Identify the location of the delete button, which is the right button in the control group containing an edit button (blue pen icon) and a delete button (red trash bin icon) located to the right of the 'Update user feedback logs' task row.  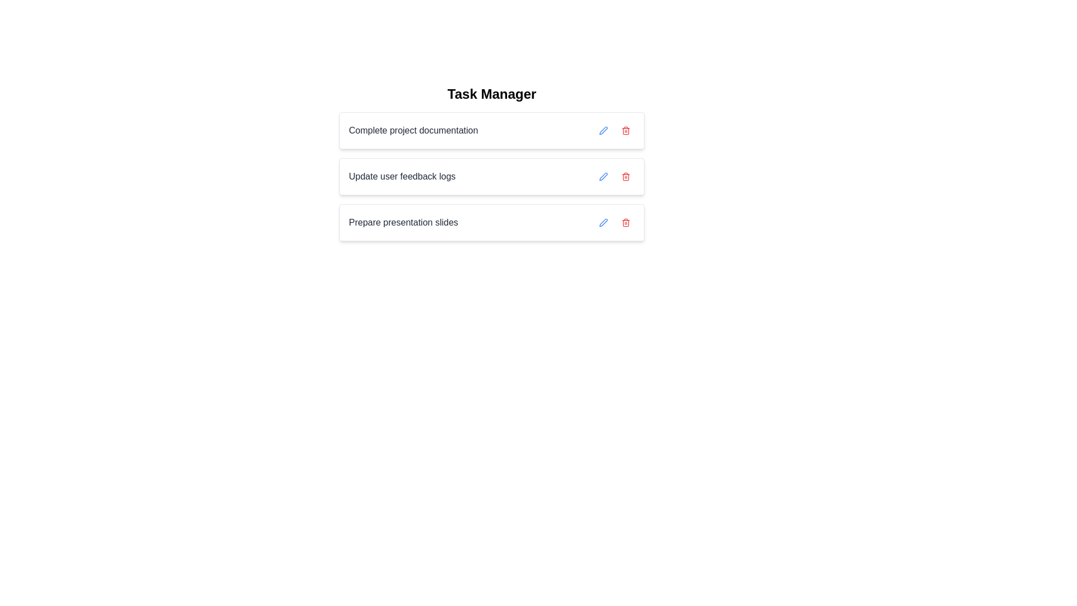
(614, 177).